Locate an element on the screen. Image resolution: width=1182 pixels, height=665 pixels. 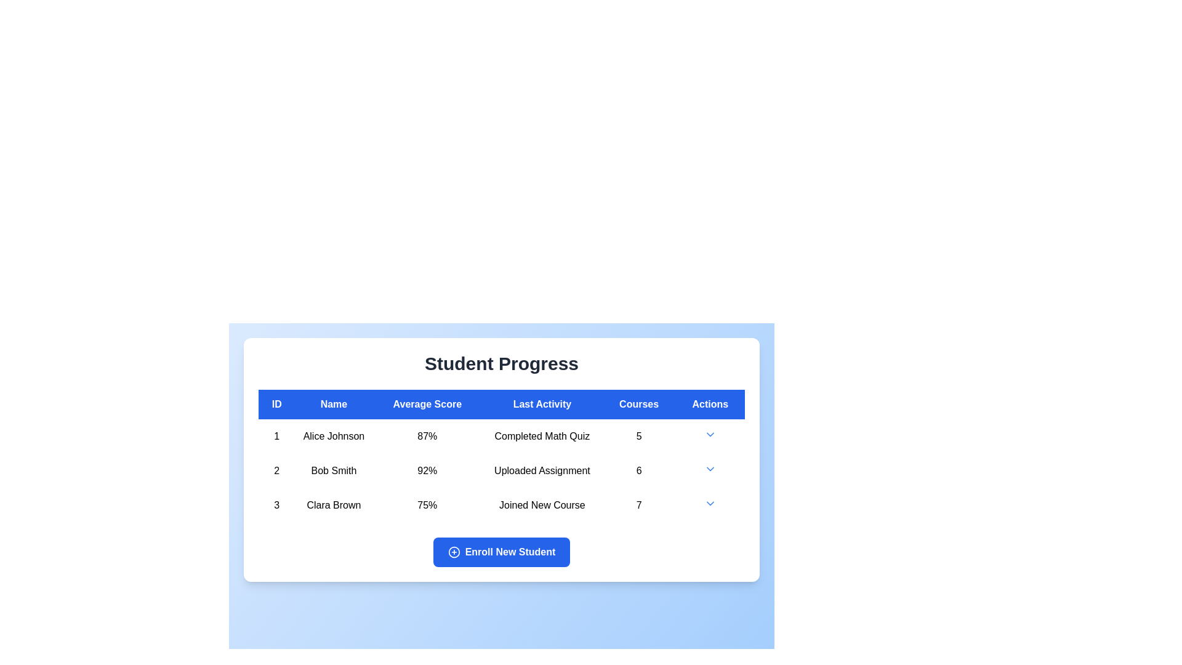
the 'Actions' table header cell, which displays the text 'Actions' in white on a blue background is located at coordinates (710, 404).